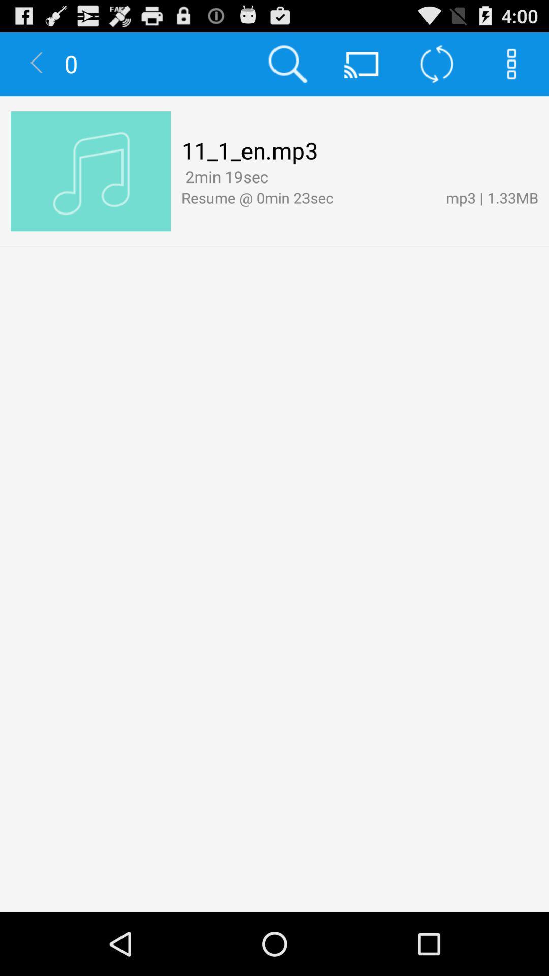  I want to click on the menu icon on the top right side, so click(511, 63).